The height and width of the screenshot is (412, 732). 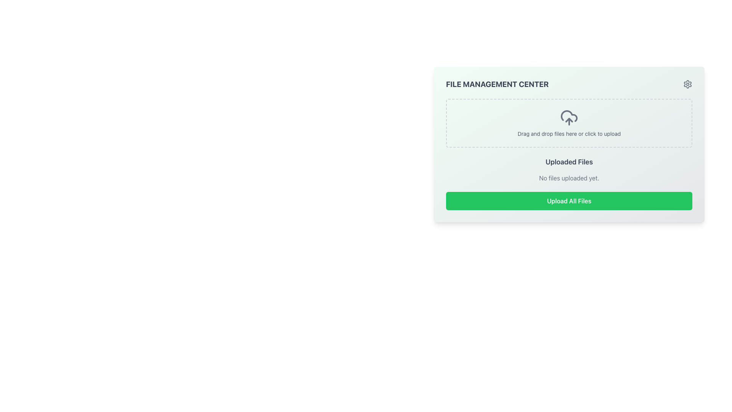 I want to click on the text label that displays 'Drag and drop files here or click to upload' located below the upload icon in the file upload interface, so click(x=569, y=134).